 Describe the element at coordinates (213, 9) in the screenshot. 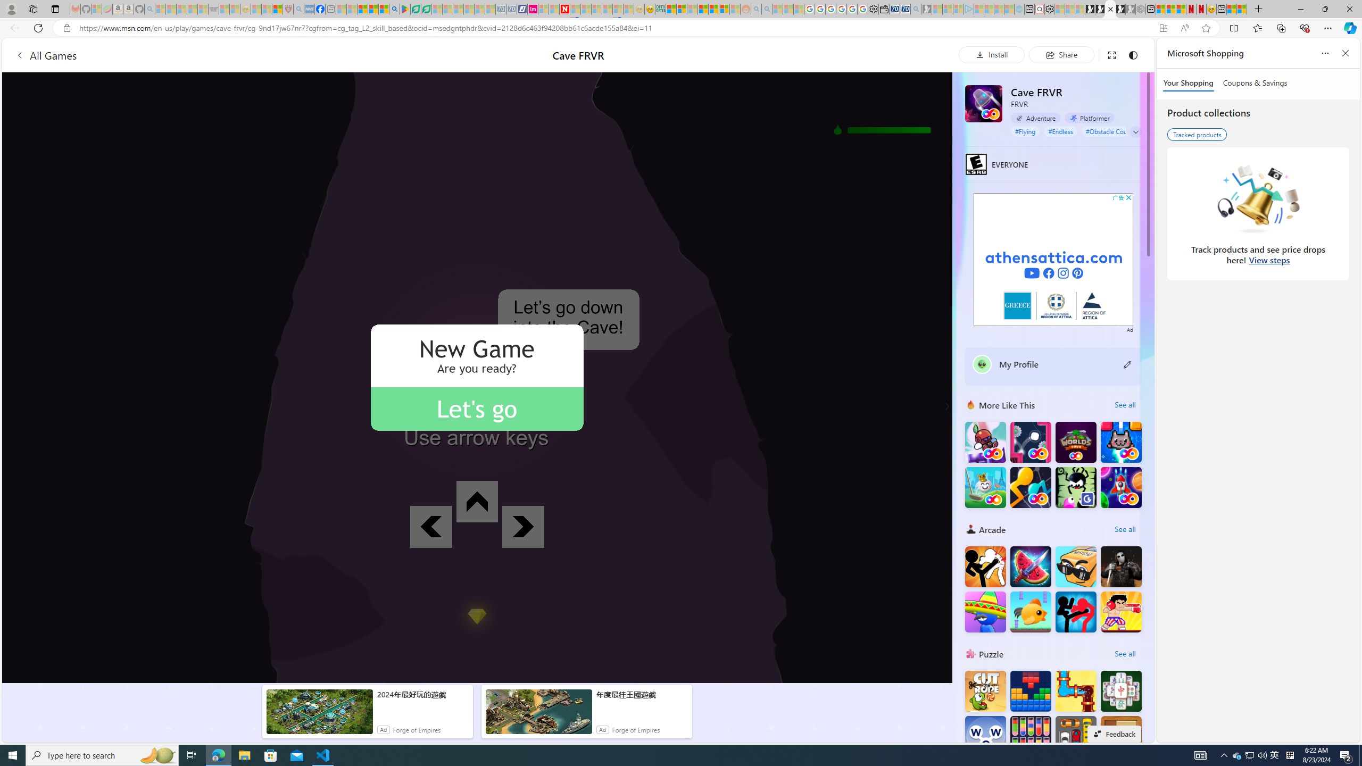

I see `'Combat Siege'` at that location.